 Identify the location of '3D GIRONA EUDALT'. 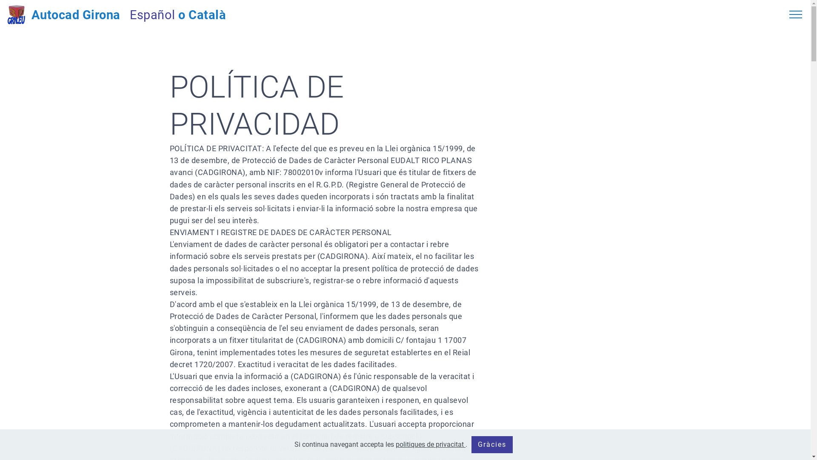
(16, 14).